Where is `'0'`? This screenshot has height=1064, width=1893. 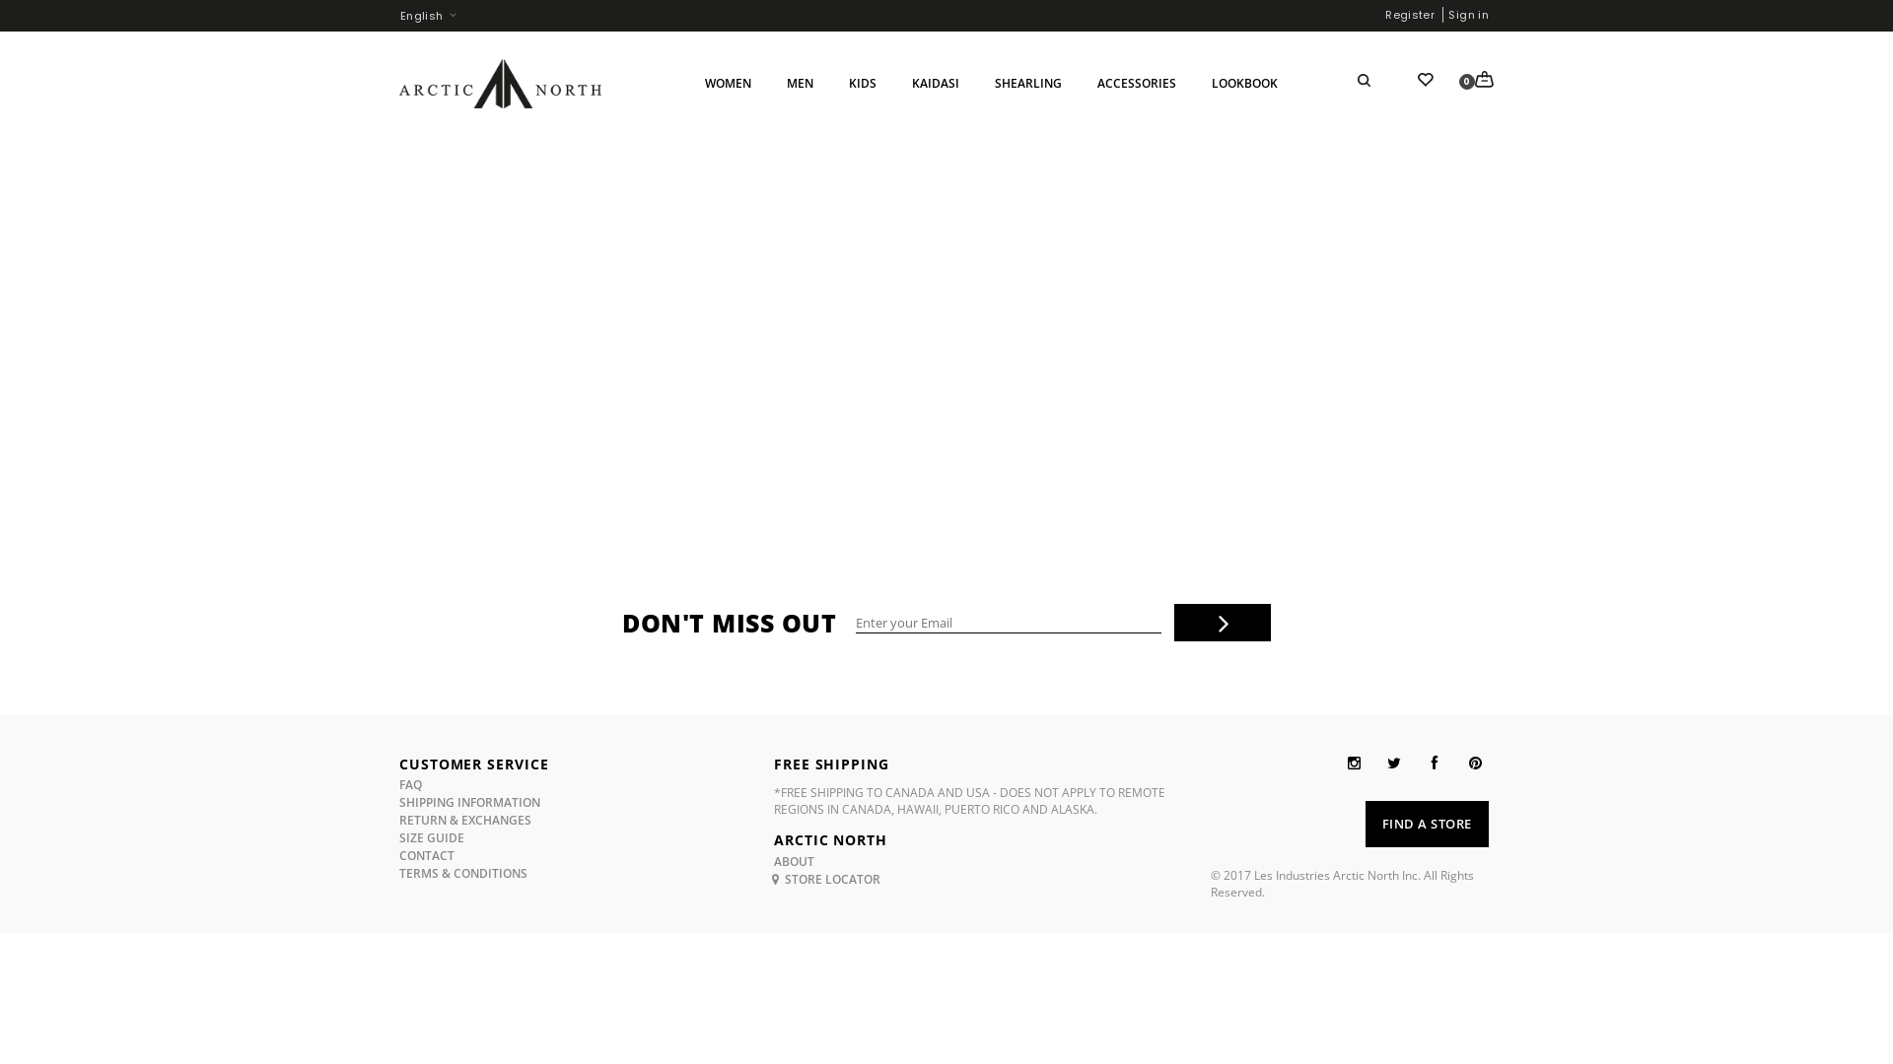
'0' is located at coordinates (1484, 76).